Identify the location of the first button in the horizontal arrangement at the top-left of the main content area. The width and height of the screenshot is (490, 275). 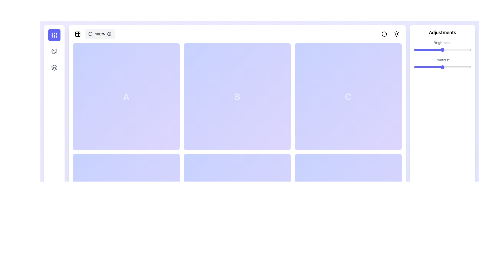
(78, 34).